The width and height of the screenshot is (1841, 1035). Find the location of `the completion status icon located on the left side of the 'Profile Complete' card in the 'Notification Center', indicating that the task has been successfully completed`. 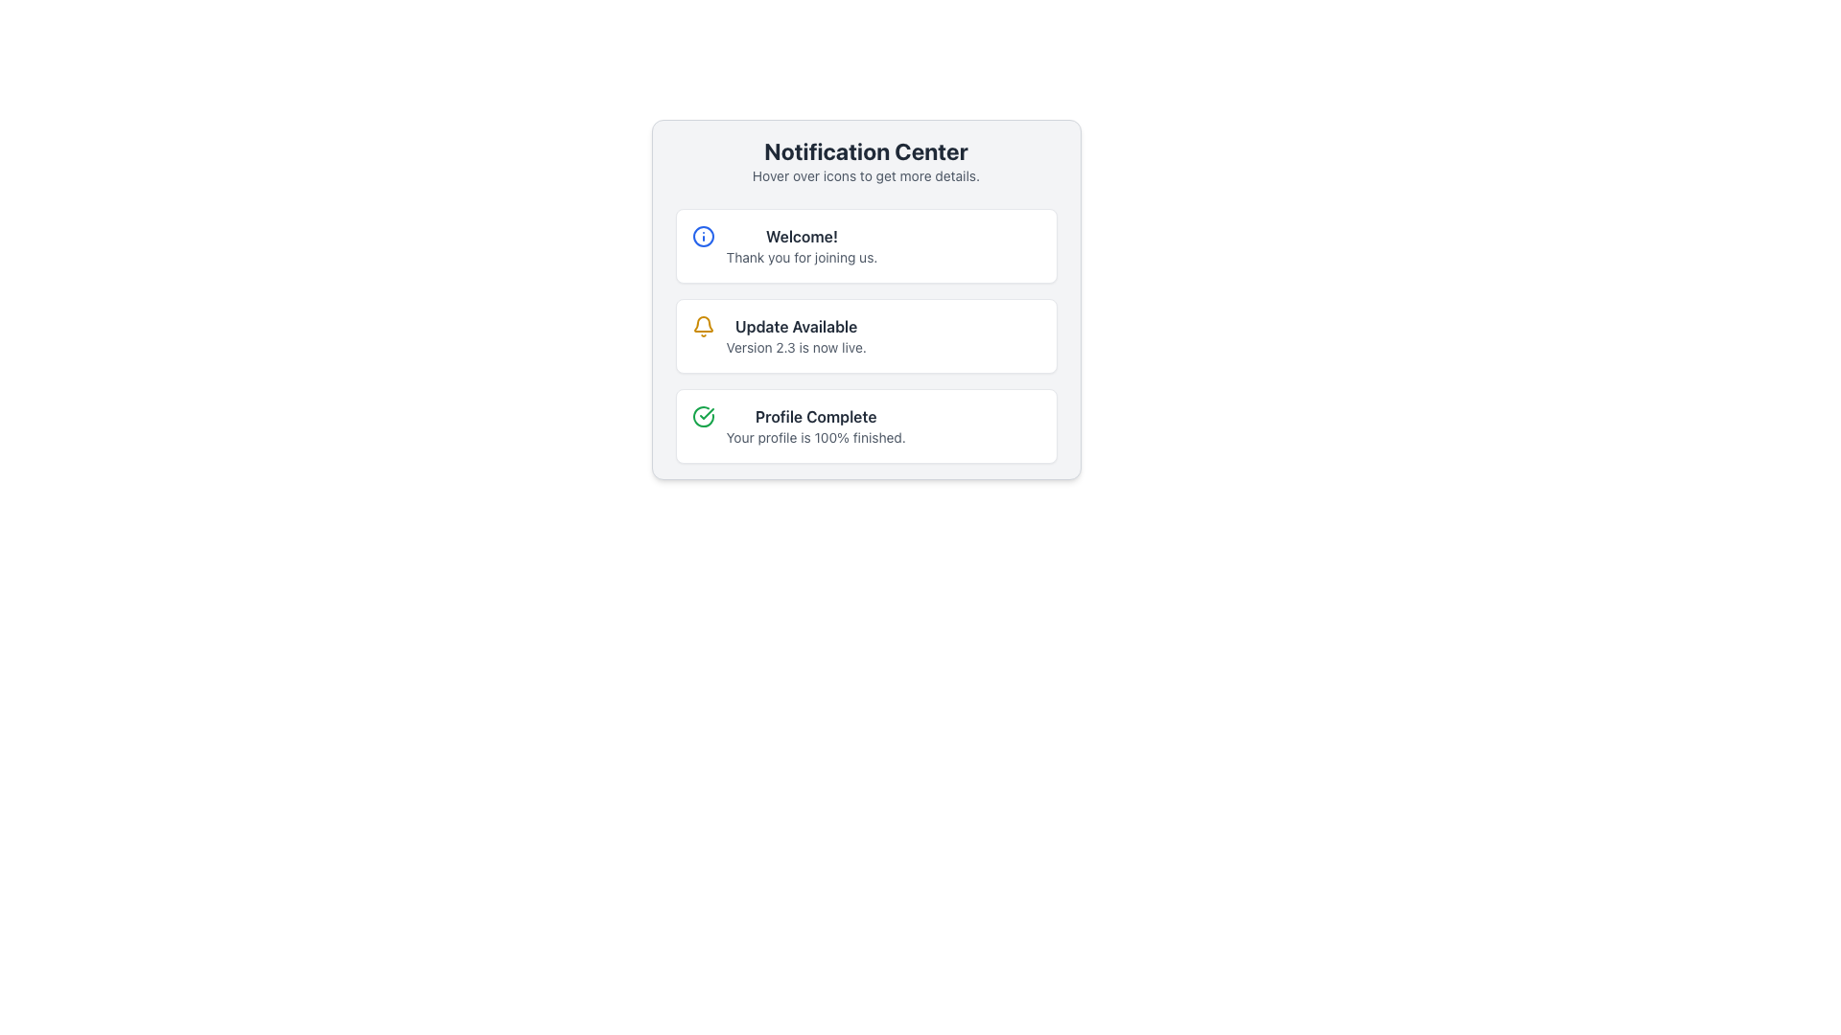

the completion status icon located on the left side of the 'Profile Complete' card in the 'Notification Center', indicating that the task has been successfully completed is located at coordinates (702, 416).